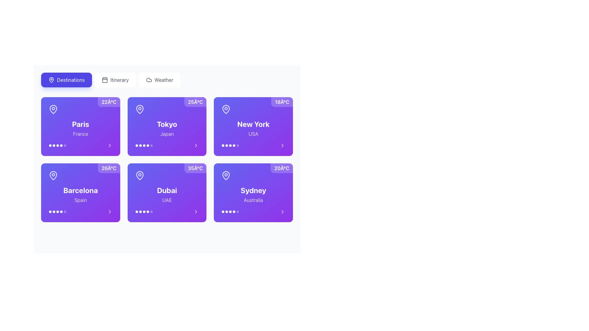  What do you see at coordinates (105, 80) in the screenshot?
I see `the calendar icon located to the left of the 'Itinerary' button in the navigation bar at the top of the interface to invoke the button's functionality` at bounding box center [105, 80].